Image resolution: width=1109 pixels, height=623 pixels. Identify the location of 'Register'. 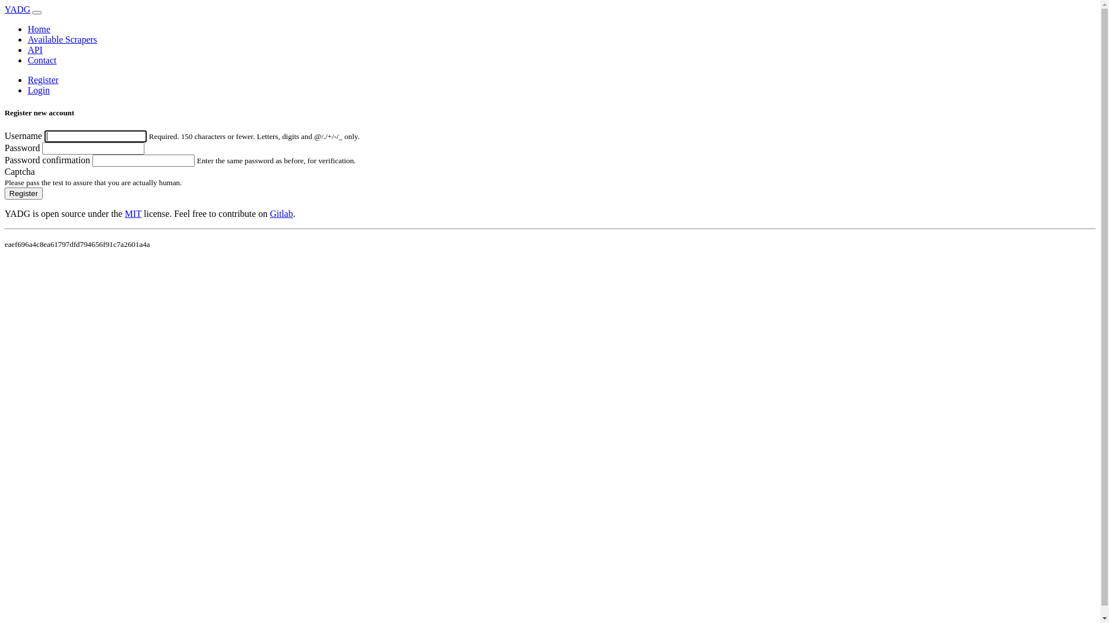
(5, 193).